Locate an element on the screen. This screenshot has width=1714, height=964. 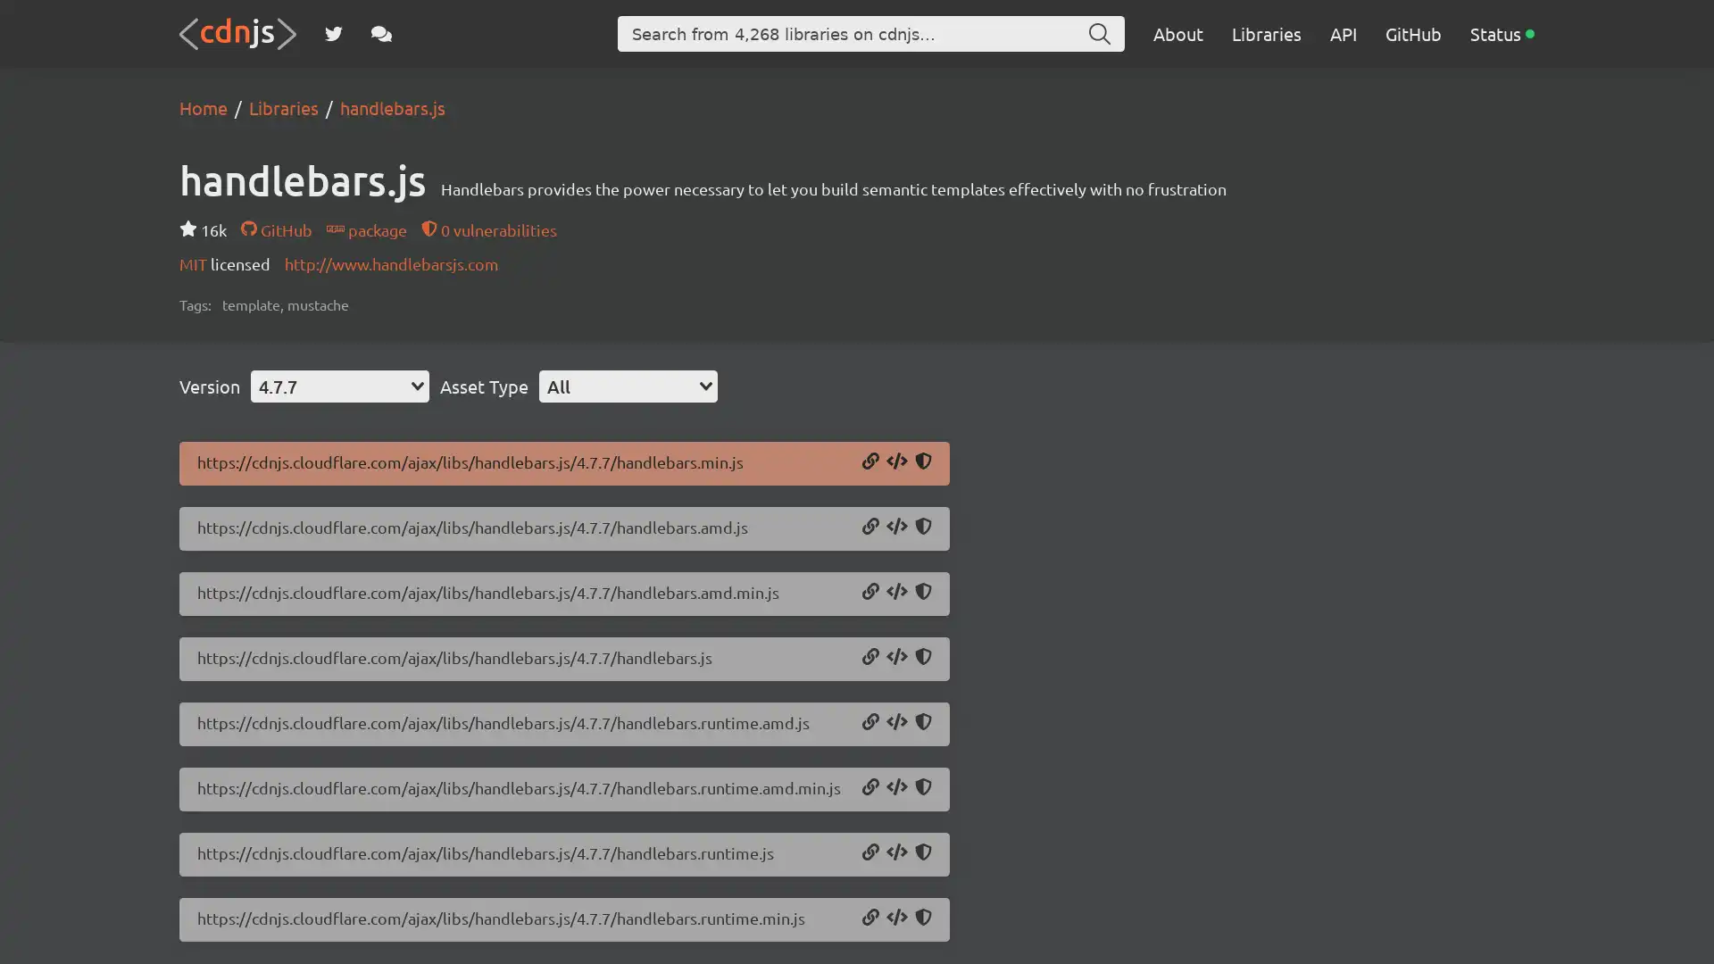
Copy Script Tag is located at coordinates (896, 527).